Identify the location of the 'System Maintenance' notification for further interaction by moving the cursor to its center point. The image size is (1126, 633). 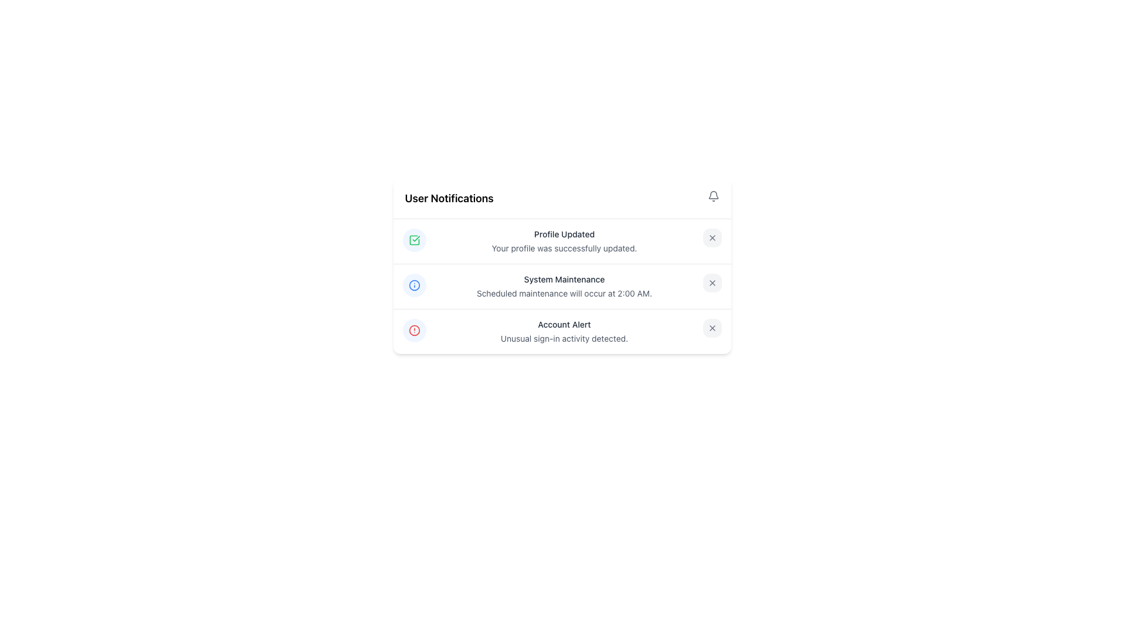
(561, 287).